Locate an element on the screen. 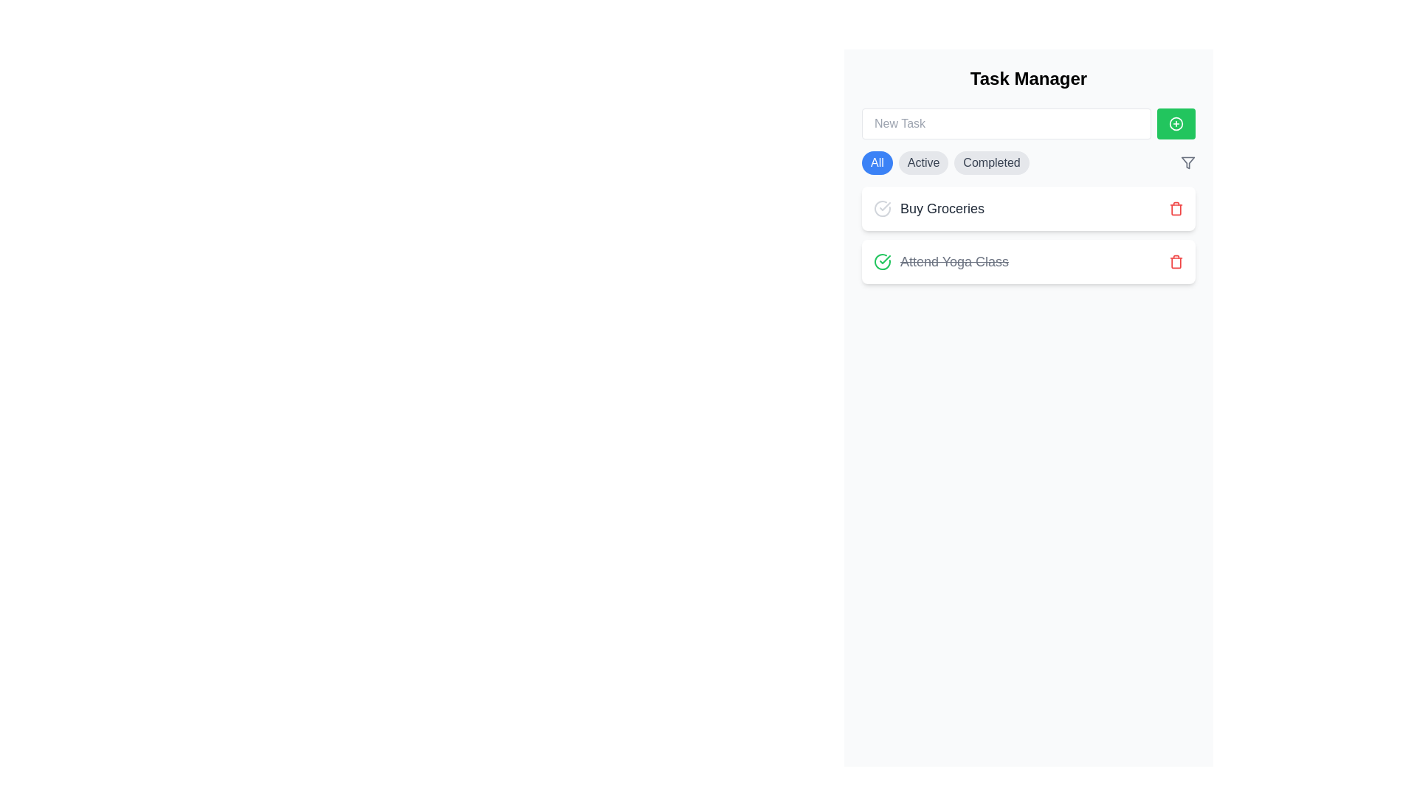 The image size is (1417, 797). the text 'Attend Yoga Class' which is styled with a gray color and has a strikethrough effect, indicating it is part of a completed task in the task management interface is located at coordinates (954, 261).